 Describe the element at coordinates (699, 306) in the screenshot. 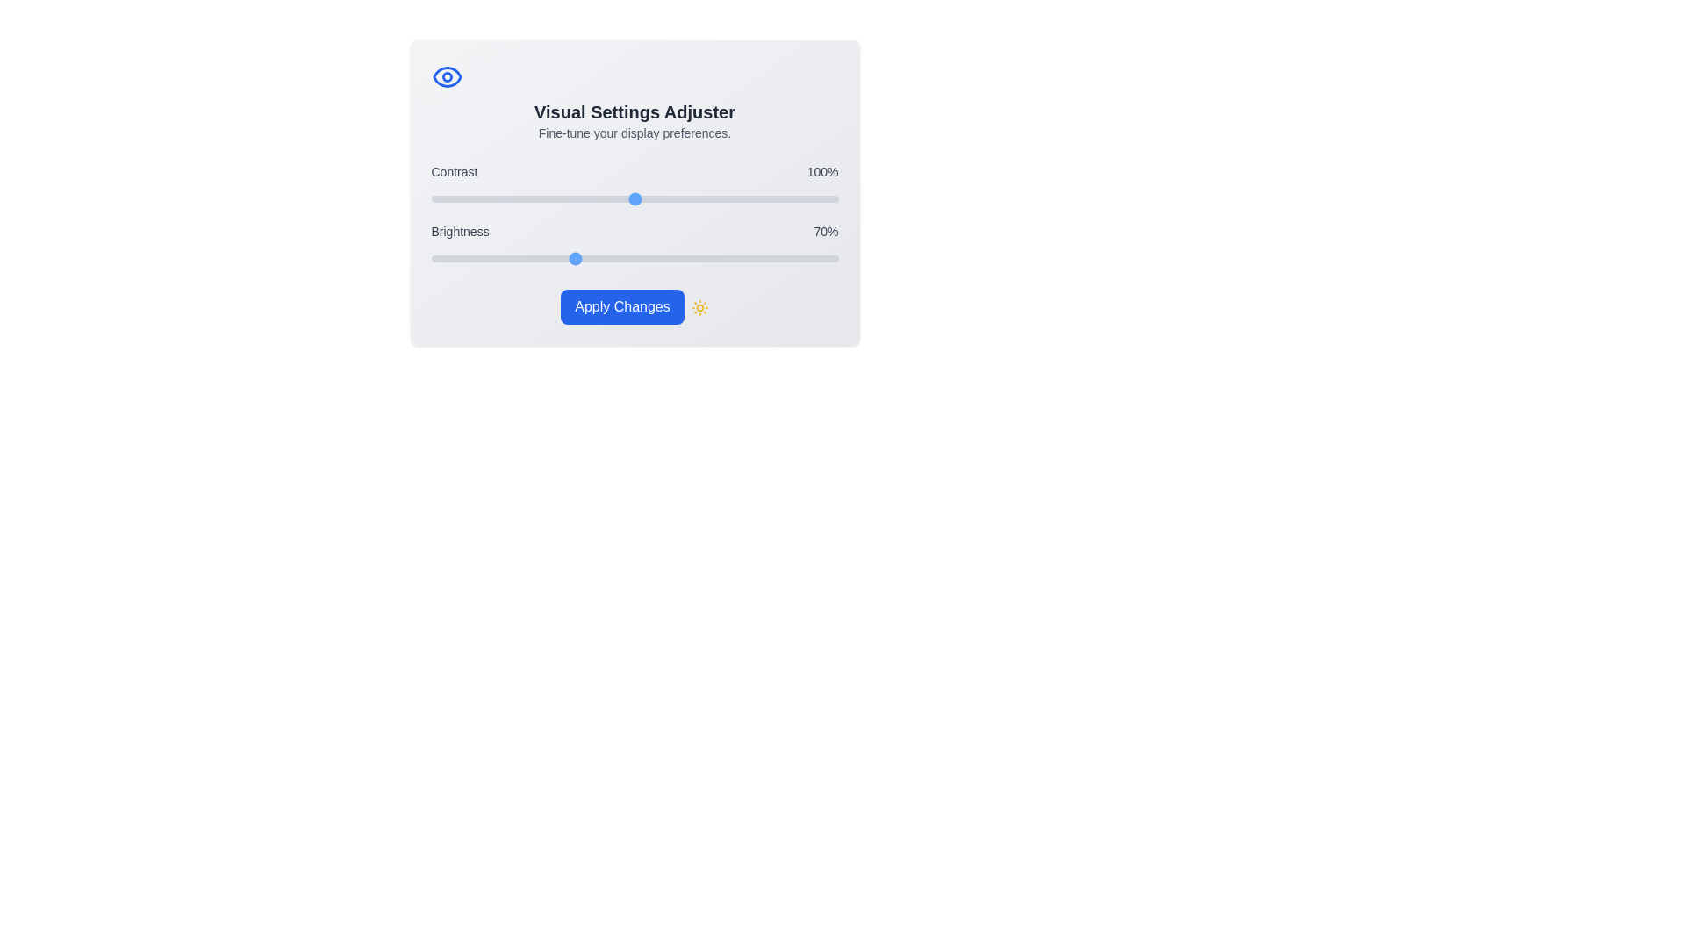

I see `the 'Sun' icon next to the 'Apply Changes' button` at that location.